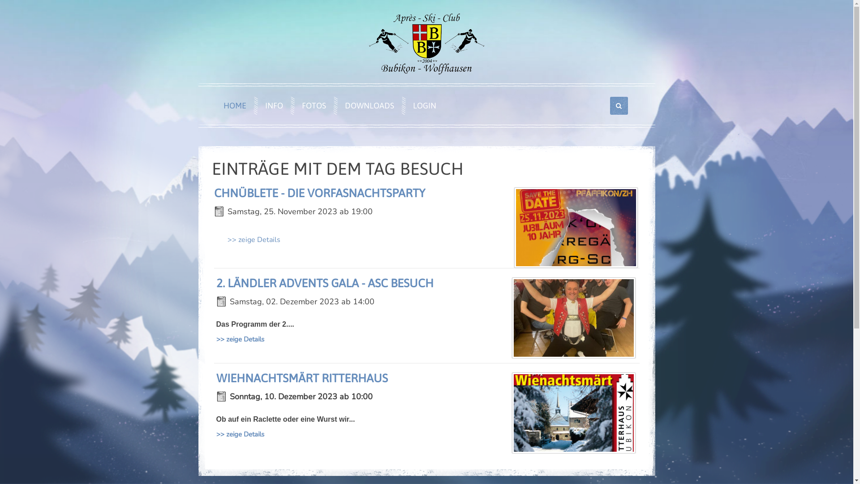 This screenshot has width=860, height=484. Describe the element at coordinates (232, 105) in the screenshot. I see `'HOME'` at that location.